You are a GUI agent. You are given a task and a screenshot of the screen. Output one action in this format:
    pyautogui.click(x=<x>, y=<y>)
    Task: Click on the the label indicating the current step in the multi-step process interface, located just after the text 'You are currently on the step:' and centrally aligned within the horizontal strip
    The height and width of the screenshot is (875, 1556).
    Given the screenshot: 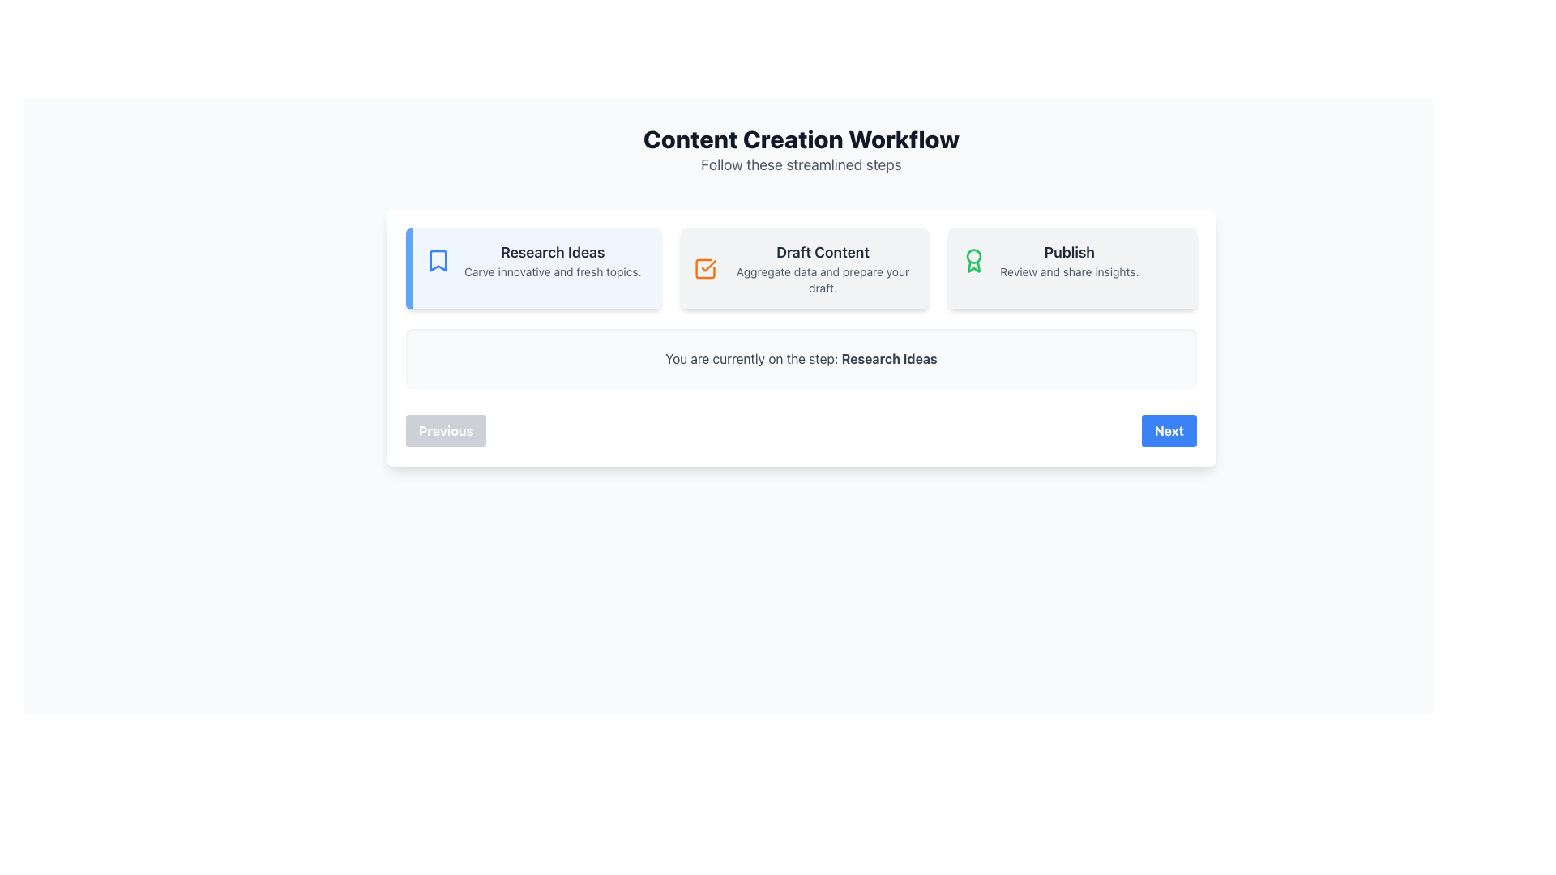 What is the action you would take?
    pyautogui.click(x=888, y=358)
    